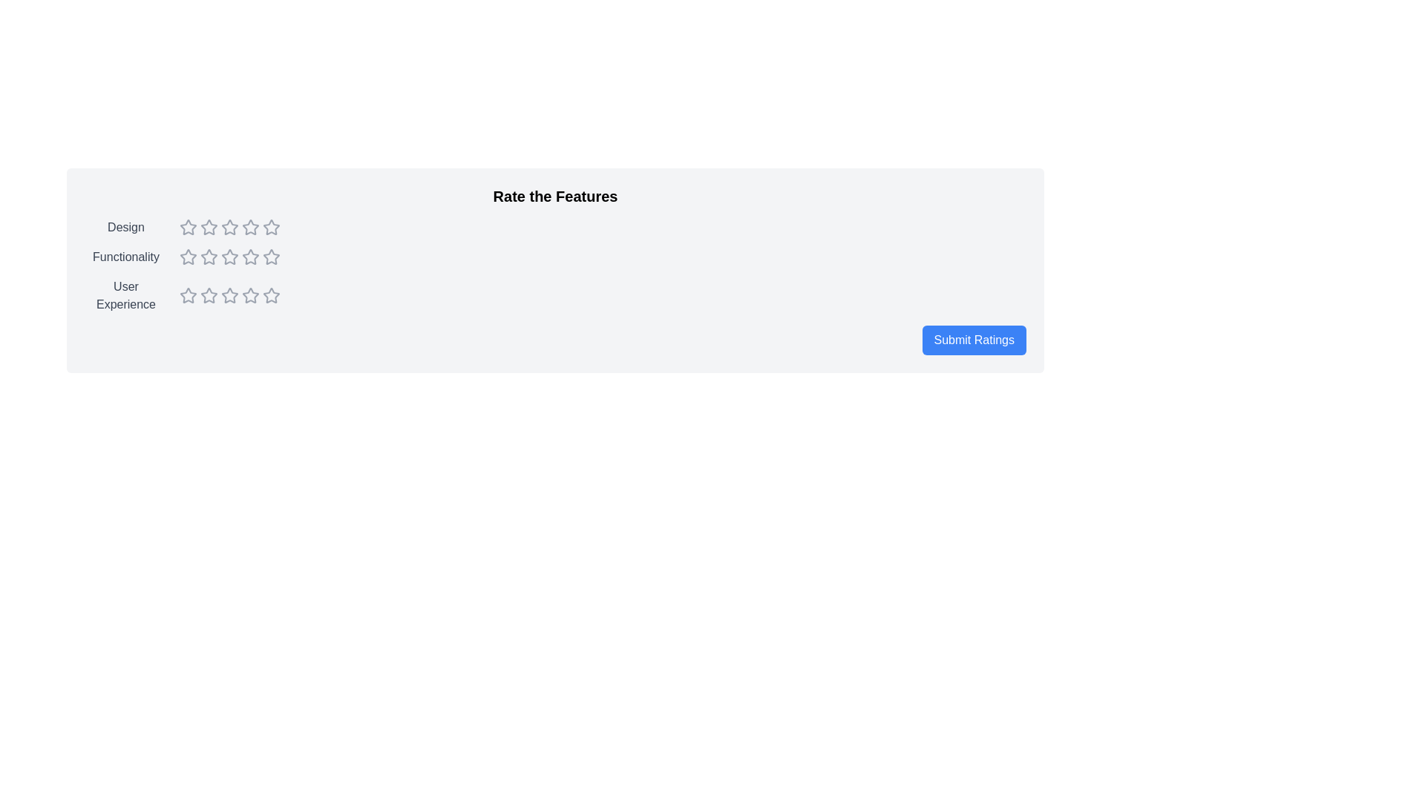 This screenshot has height=801, width=1425. What do you see at coordinates (250, 227) in the screenshot?
I see `the second star from the left in the rating row under the category 'Design'` at bounding box center [250, 227].